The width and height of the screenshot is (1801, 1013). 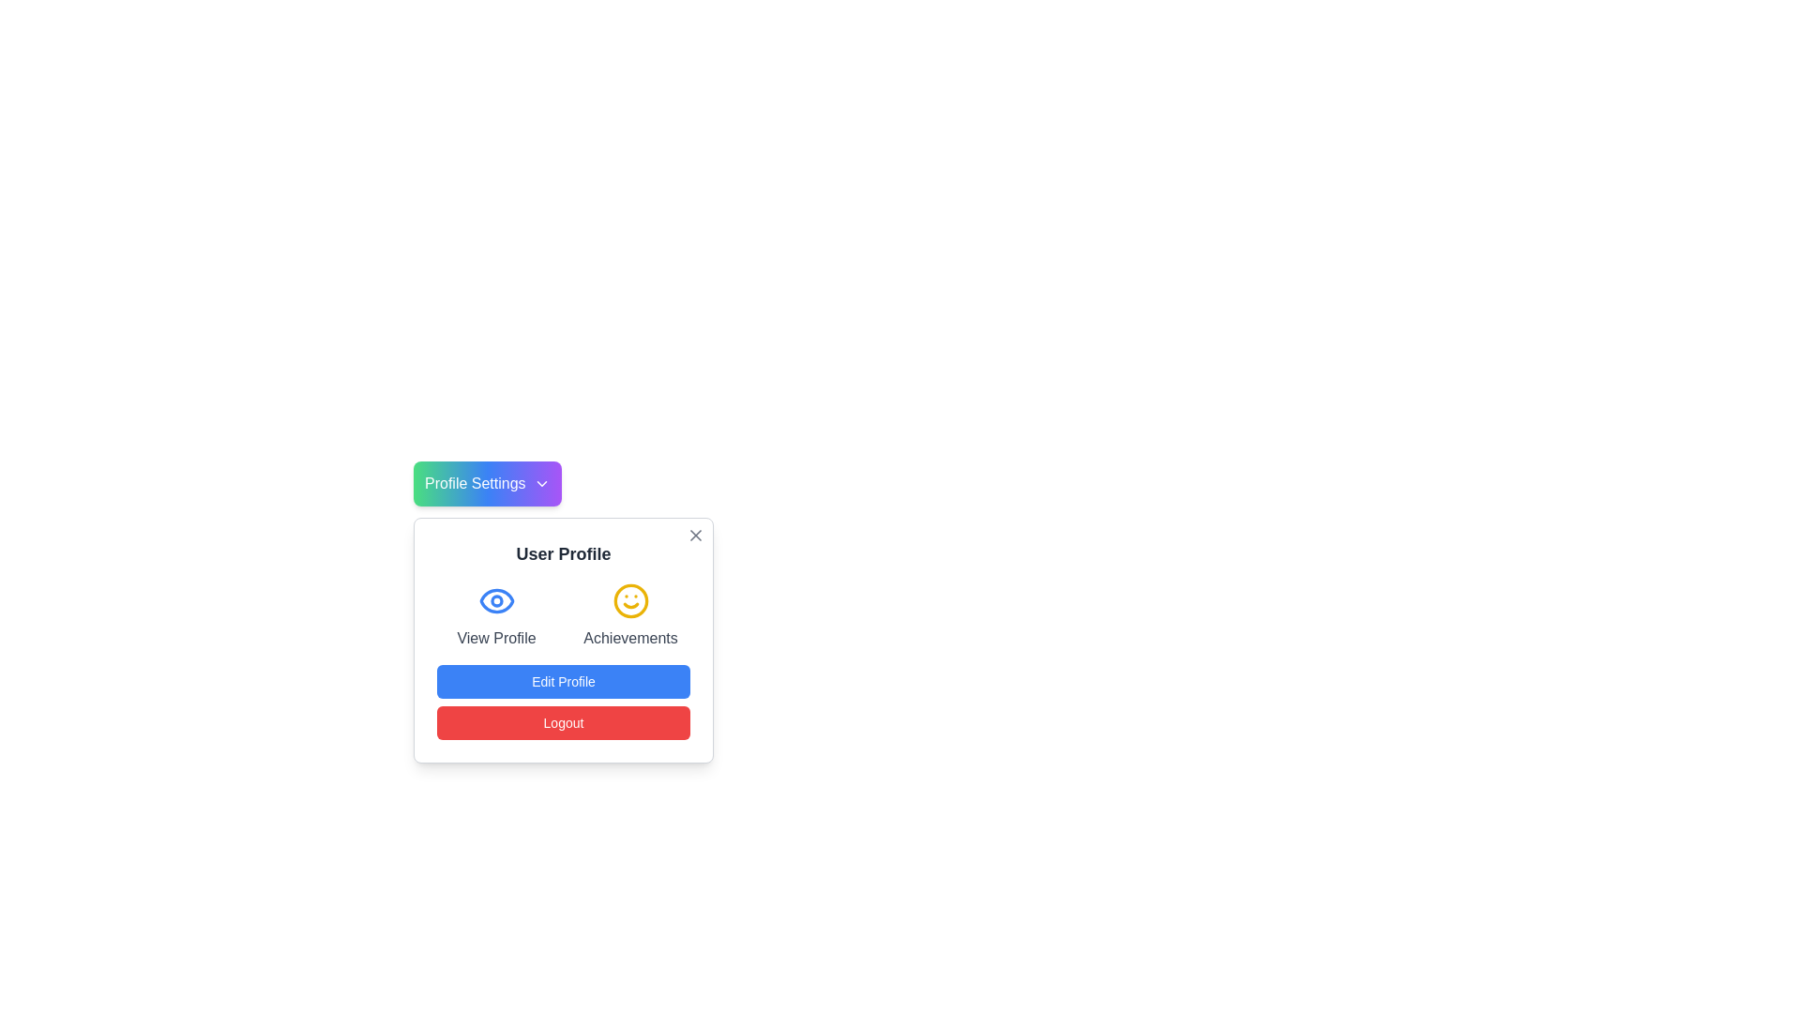 What do you see at coordinates (496, 615) in the screenshot?
I see `the 'View Profile' button, which features a blue eye icon above a gray text label, located in the user profile card` at bounding box center [496, 615].